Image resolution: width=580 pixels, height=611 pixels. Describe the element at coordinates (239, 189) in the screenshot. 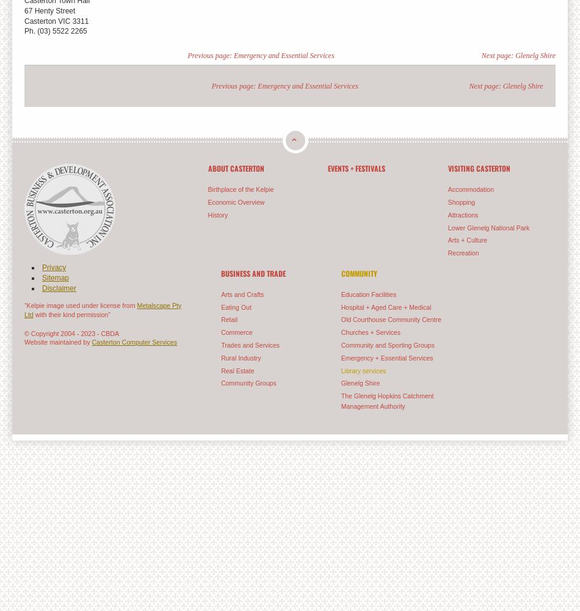

I see `'Birthplace of the Kelpie'` at that location.